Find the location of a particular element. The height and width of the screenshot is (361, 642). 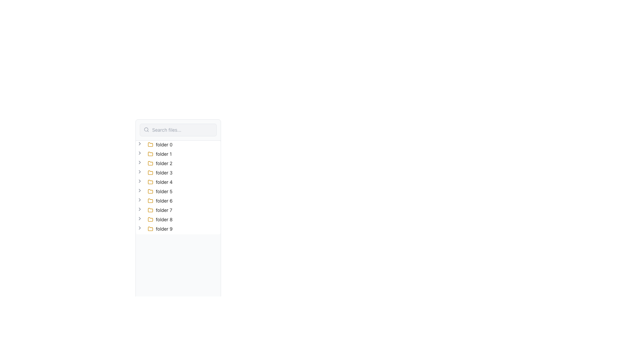

the folder icon representing 'folder 7' located in the middle of the interface is located at coordinates (150, 210).